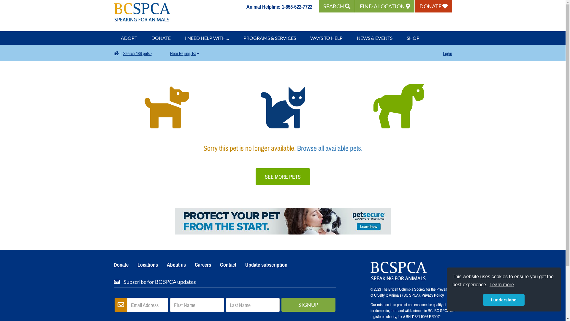 The width and height of the screenshot is (570, 321). Describe the element at coordinates (282, 176) in the screenshot. I see `'SEE MORE PETS'` at that location.